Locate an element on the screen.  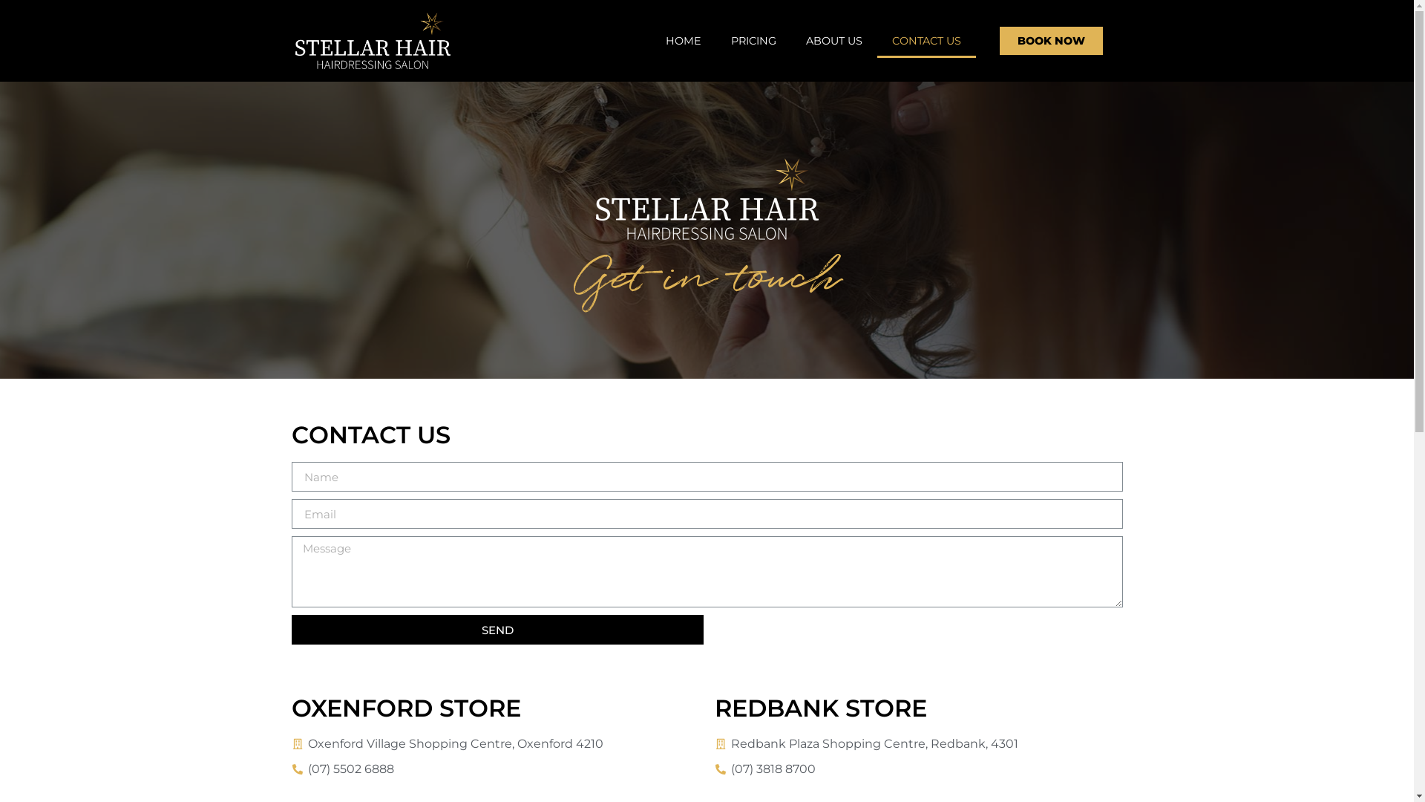
'BOOK NOW' is located at coordinates (1050, 39).